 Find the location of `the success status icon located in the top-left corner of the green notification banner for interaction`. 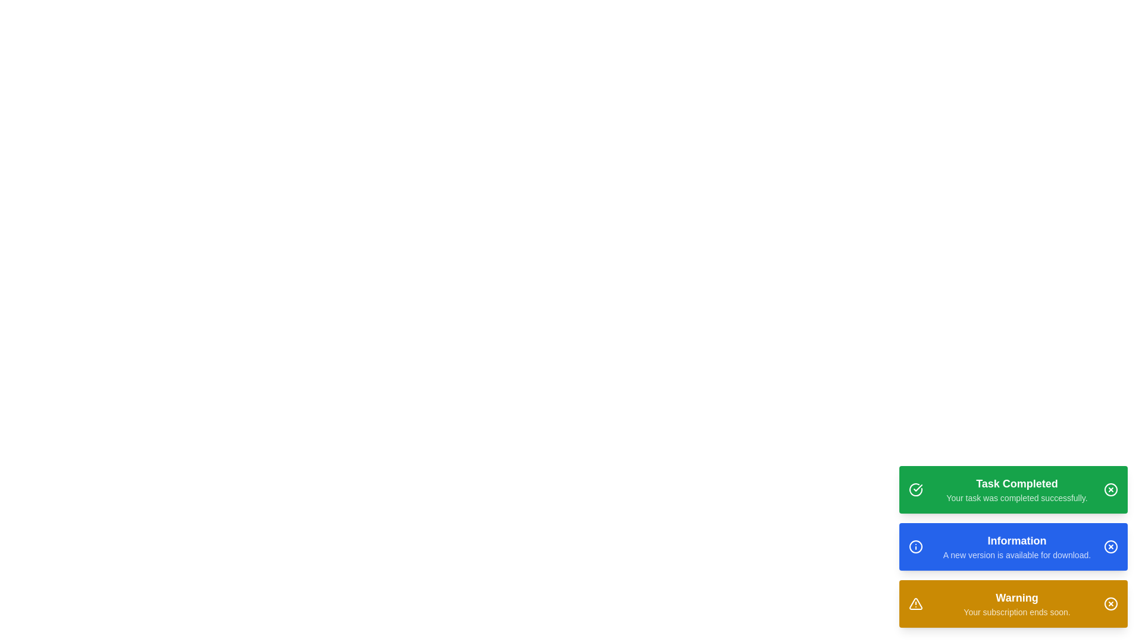

the success status icon located in the top-left corner of the green notification banner for interaction is located at coordinates (915, 490).